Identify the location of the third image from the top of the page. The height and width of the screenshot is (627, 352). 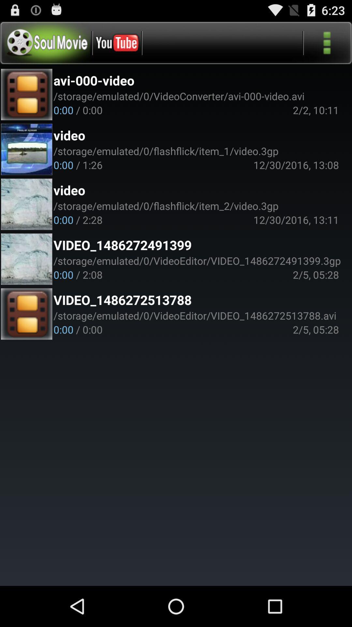
(26, 204).